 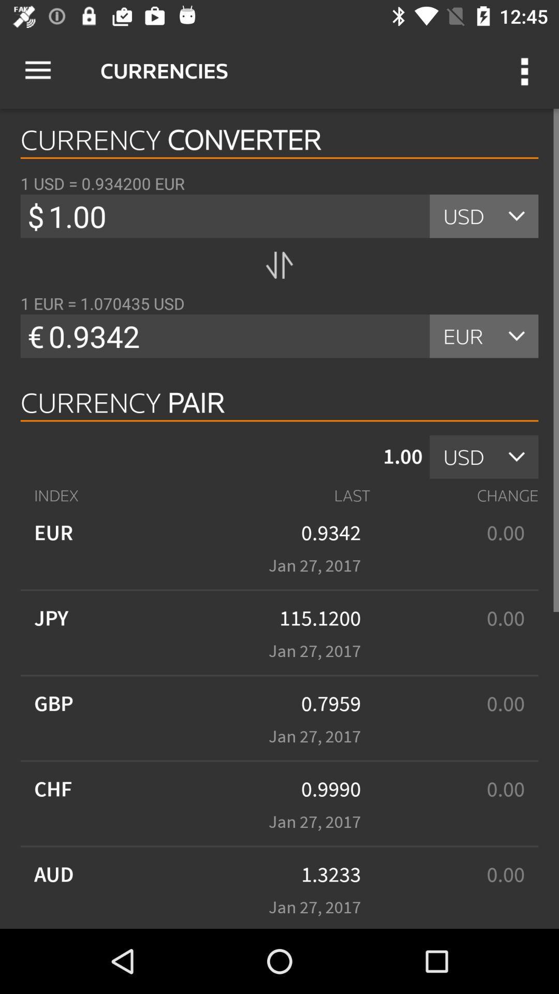 What do you see at coordinates (279, 265) in the screenshot?
I see `the swap icon` at bounding box center [279, 265].